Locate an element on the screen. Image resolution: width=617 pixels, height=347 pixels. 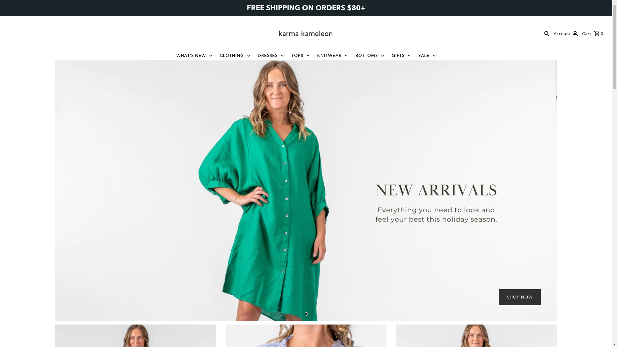
'KNITWEAR' is located at coordinates (332, 55).